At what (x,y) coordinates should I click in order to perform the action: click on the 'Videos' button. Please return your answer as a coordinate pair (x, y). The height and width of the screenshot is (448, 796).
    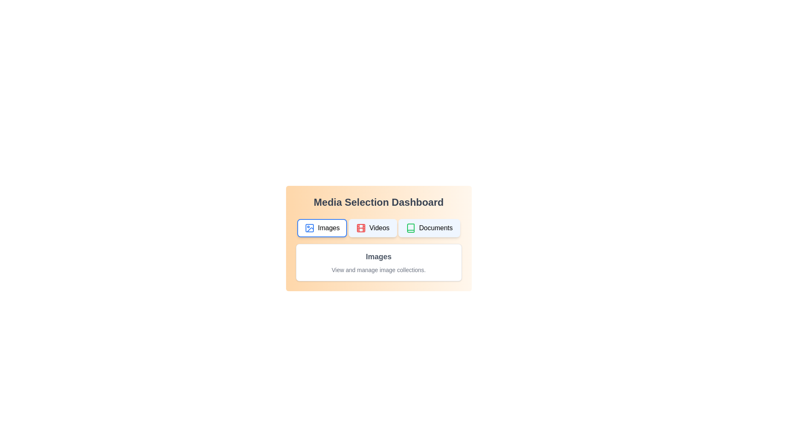
    Looking at the image, I should click on (372, 228).